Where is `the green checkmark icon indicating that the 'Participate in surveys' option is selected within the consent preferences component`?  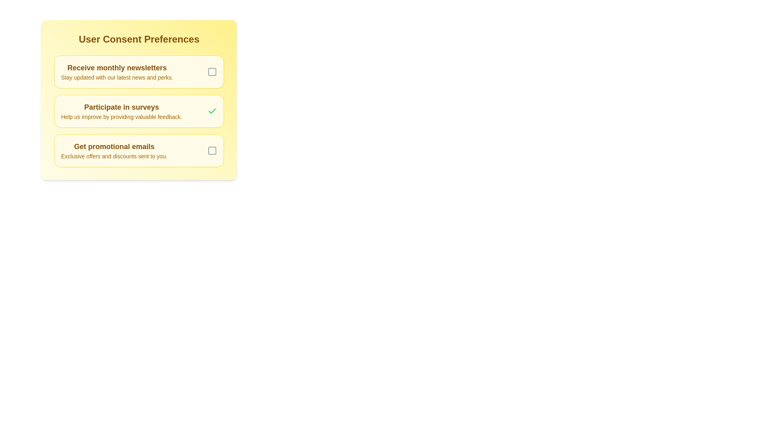
the green checkmark icon indicating that the 'Participate in surveys' option is selected within the consent preferences component is located at coordinates (212, 111).